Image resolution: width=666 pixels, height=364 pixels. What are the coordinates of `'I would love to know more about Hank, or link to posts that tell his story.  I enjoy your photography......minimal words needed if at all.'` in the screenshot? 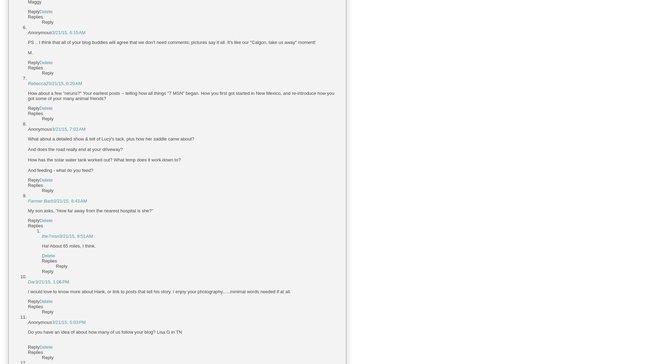 It's located at (159, 291).